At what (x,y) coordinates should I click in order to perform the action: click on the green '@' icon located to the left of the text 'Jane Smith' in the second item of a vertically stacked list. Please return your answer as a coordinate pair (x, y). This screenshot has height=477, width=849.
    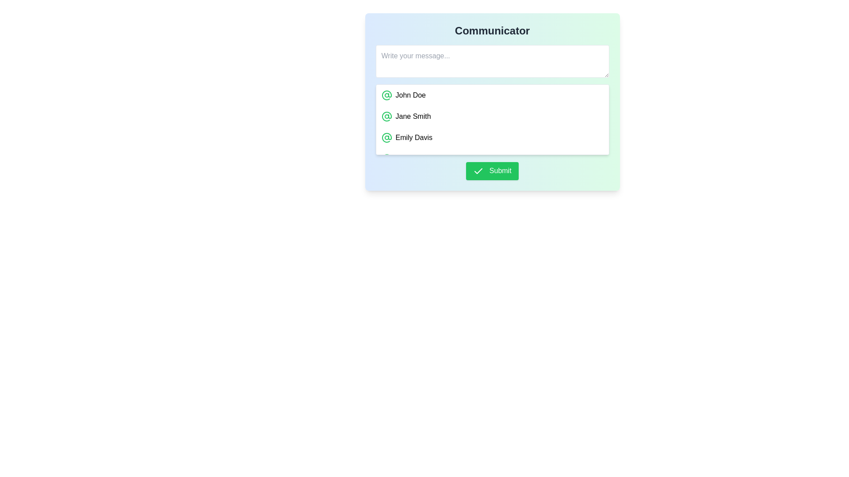
    Looking at the image, I should click on (386, 116).